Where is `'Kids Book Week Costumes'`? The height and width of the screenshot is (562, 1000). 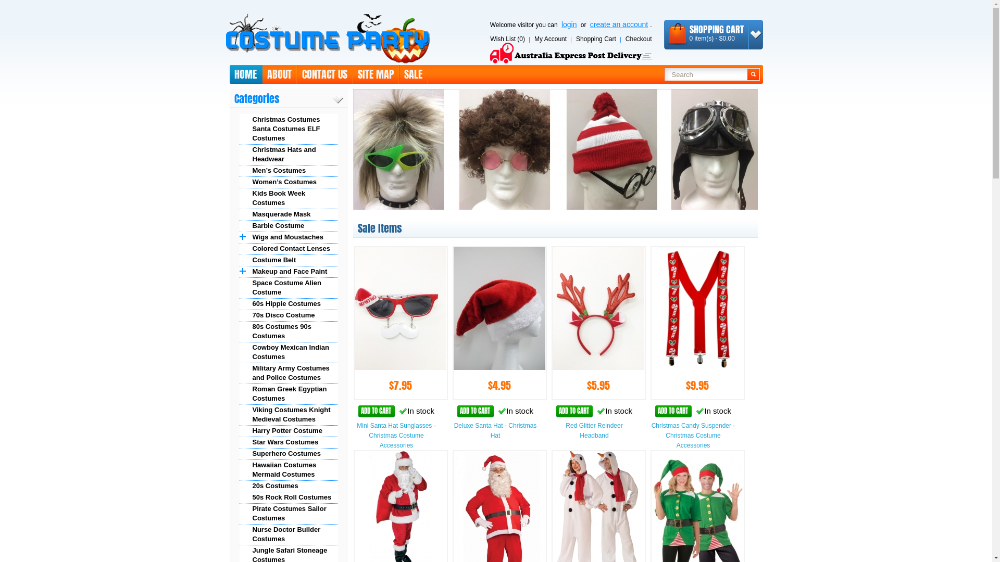
'Kids Book Week Costumes' is located at coordinates (289, 198).